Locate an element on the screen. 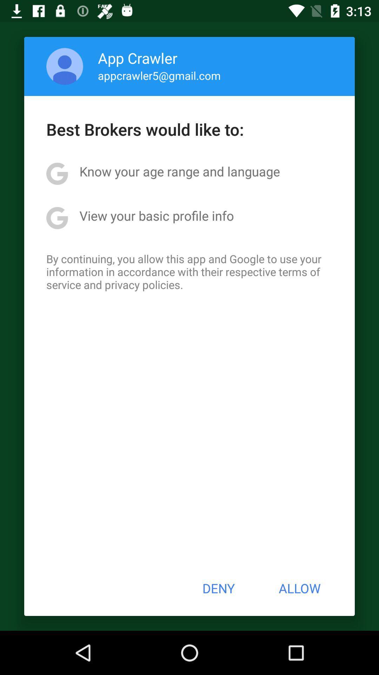 This screenshot has height=675, width=379. the button next to allow icon is located at coordinates (218, 588).